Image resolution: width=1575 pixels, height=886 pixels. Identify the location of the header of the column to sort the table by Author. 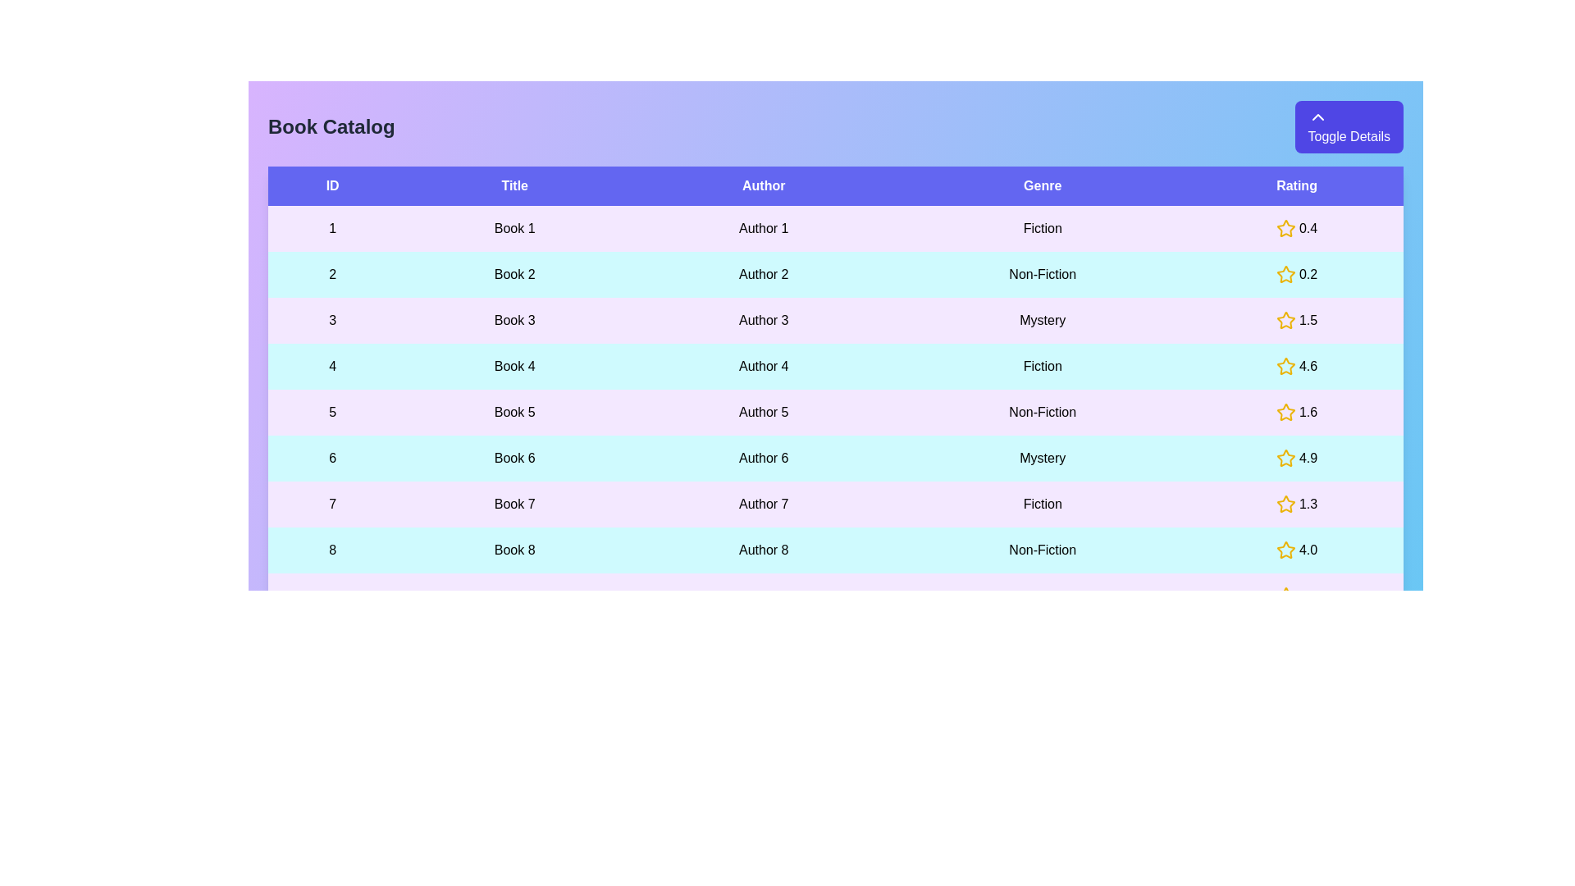
(763, 185).